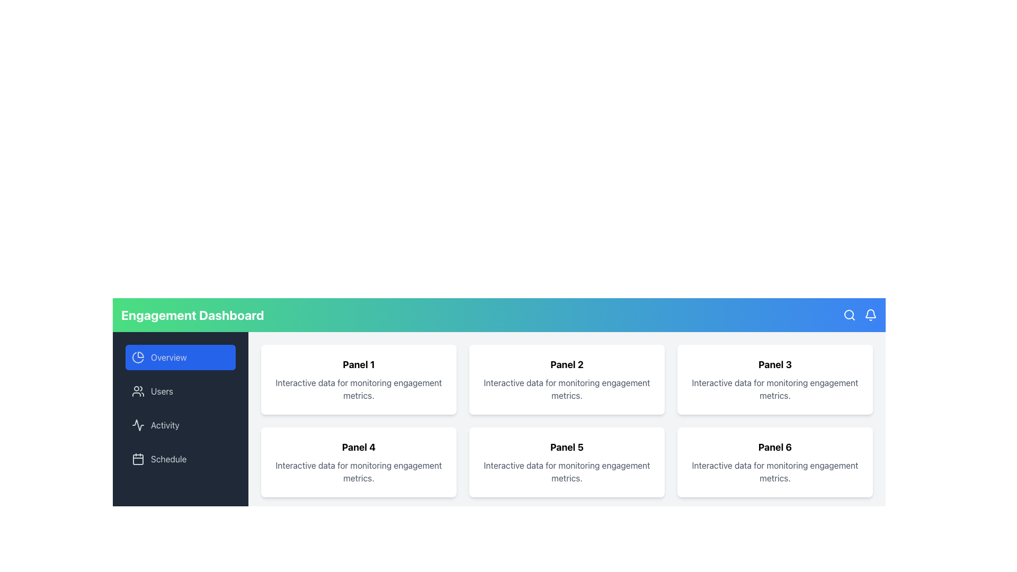 This screenshot has height=572, width=1017. What do you see at coordinates (775, 471) in the screenshot?
I see `informational text label positioned centrally below the heading 'Panel 6' in the card located in the bottom-right corner of the grid` at bounding box center [775, 471].